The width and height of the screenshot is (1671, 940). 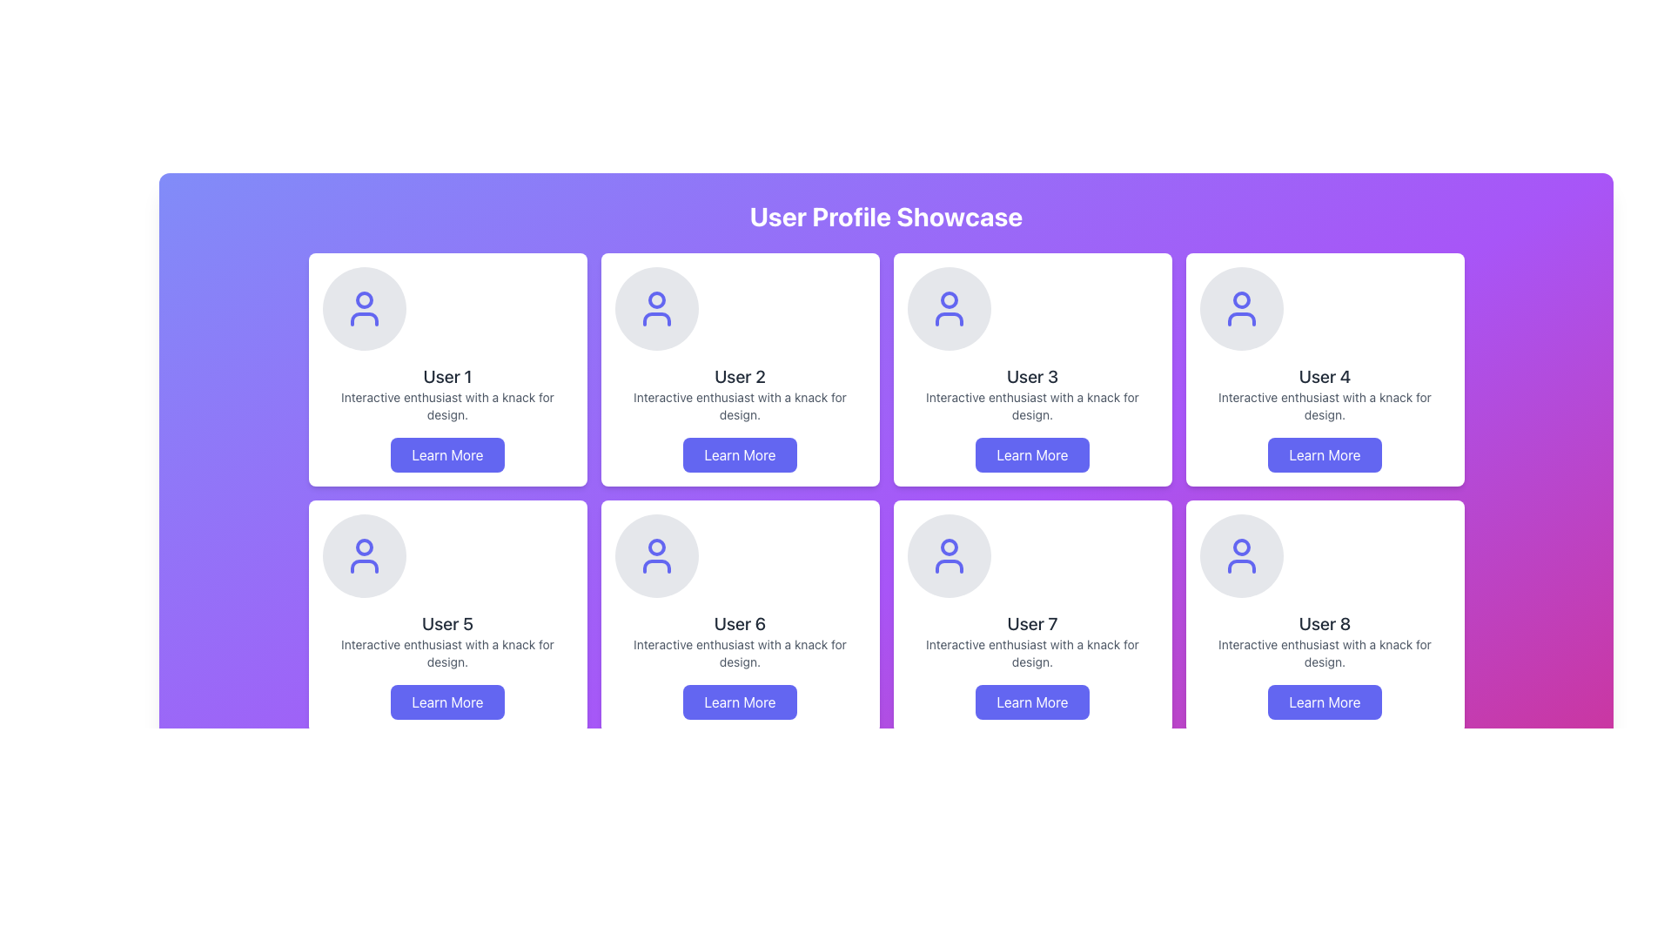 I want to click on the circular icon placeholder with a light gray background and indigo user profile icon located at the top center of the card labeled 'User 3' in the grid layout, so click(x=948, y=307).